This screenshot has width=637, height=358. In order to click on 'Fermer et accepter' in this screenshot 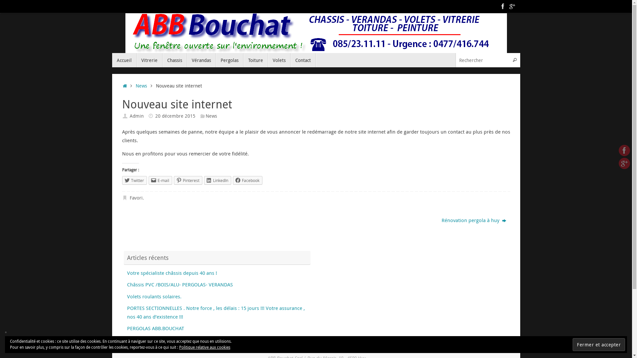, I will do `click(599, 344)`.